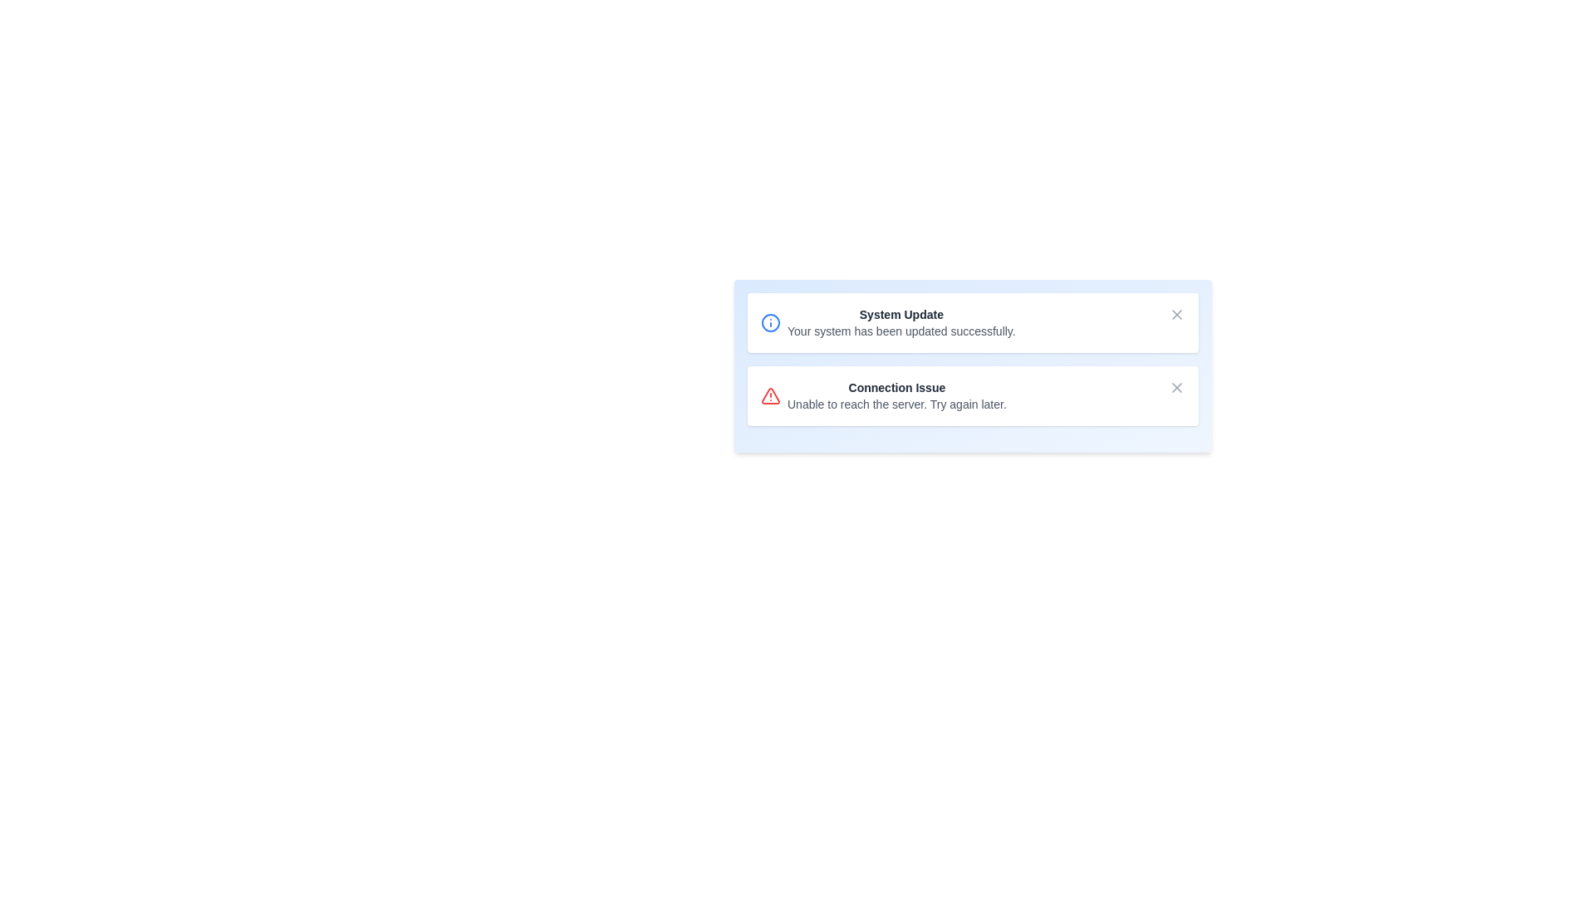 The image size is (1595, 897). I want to click on close button for the notification titled 'Connection Issue', so click(1175, 387).